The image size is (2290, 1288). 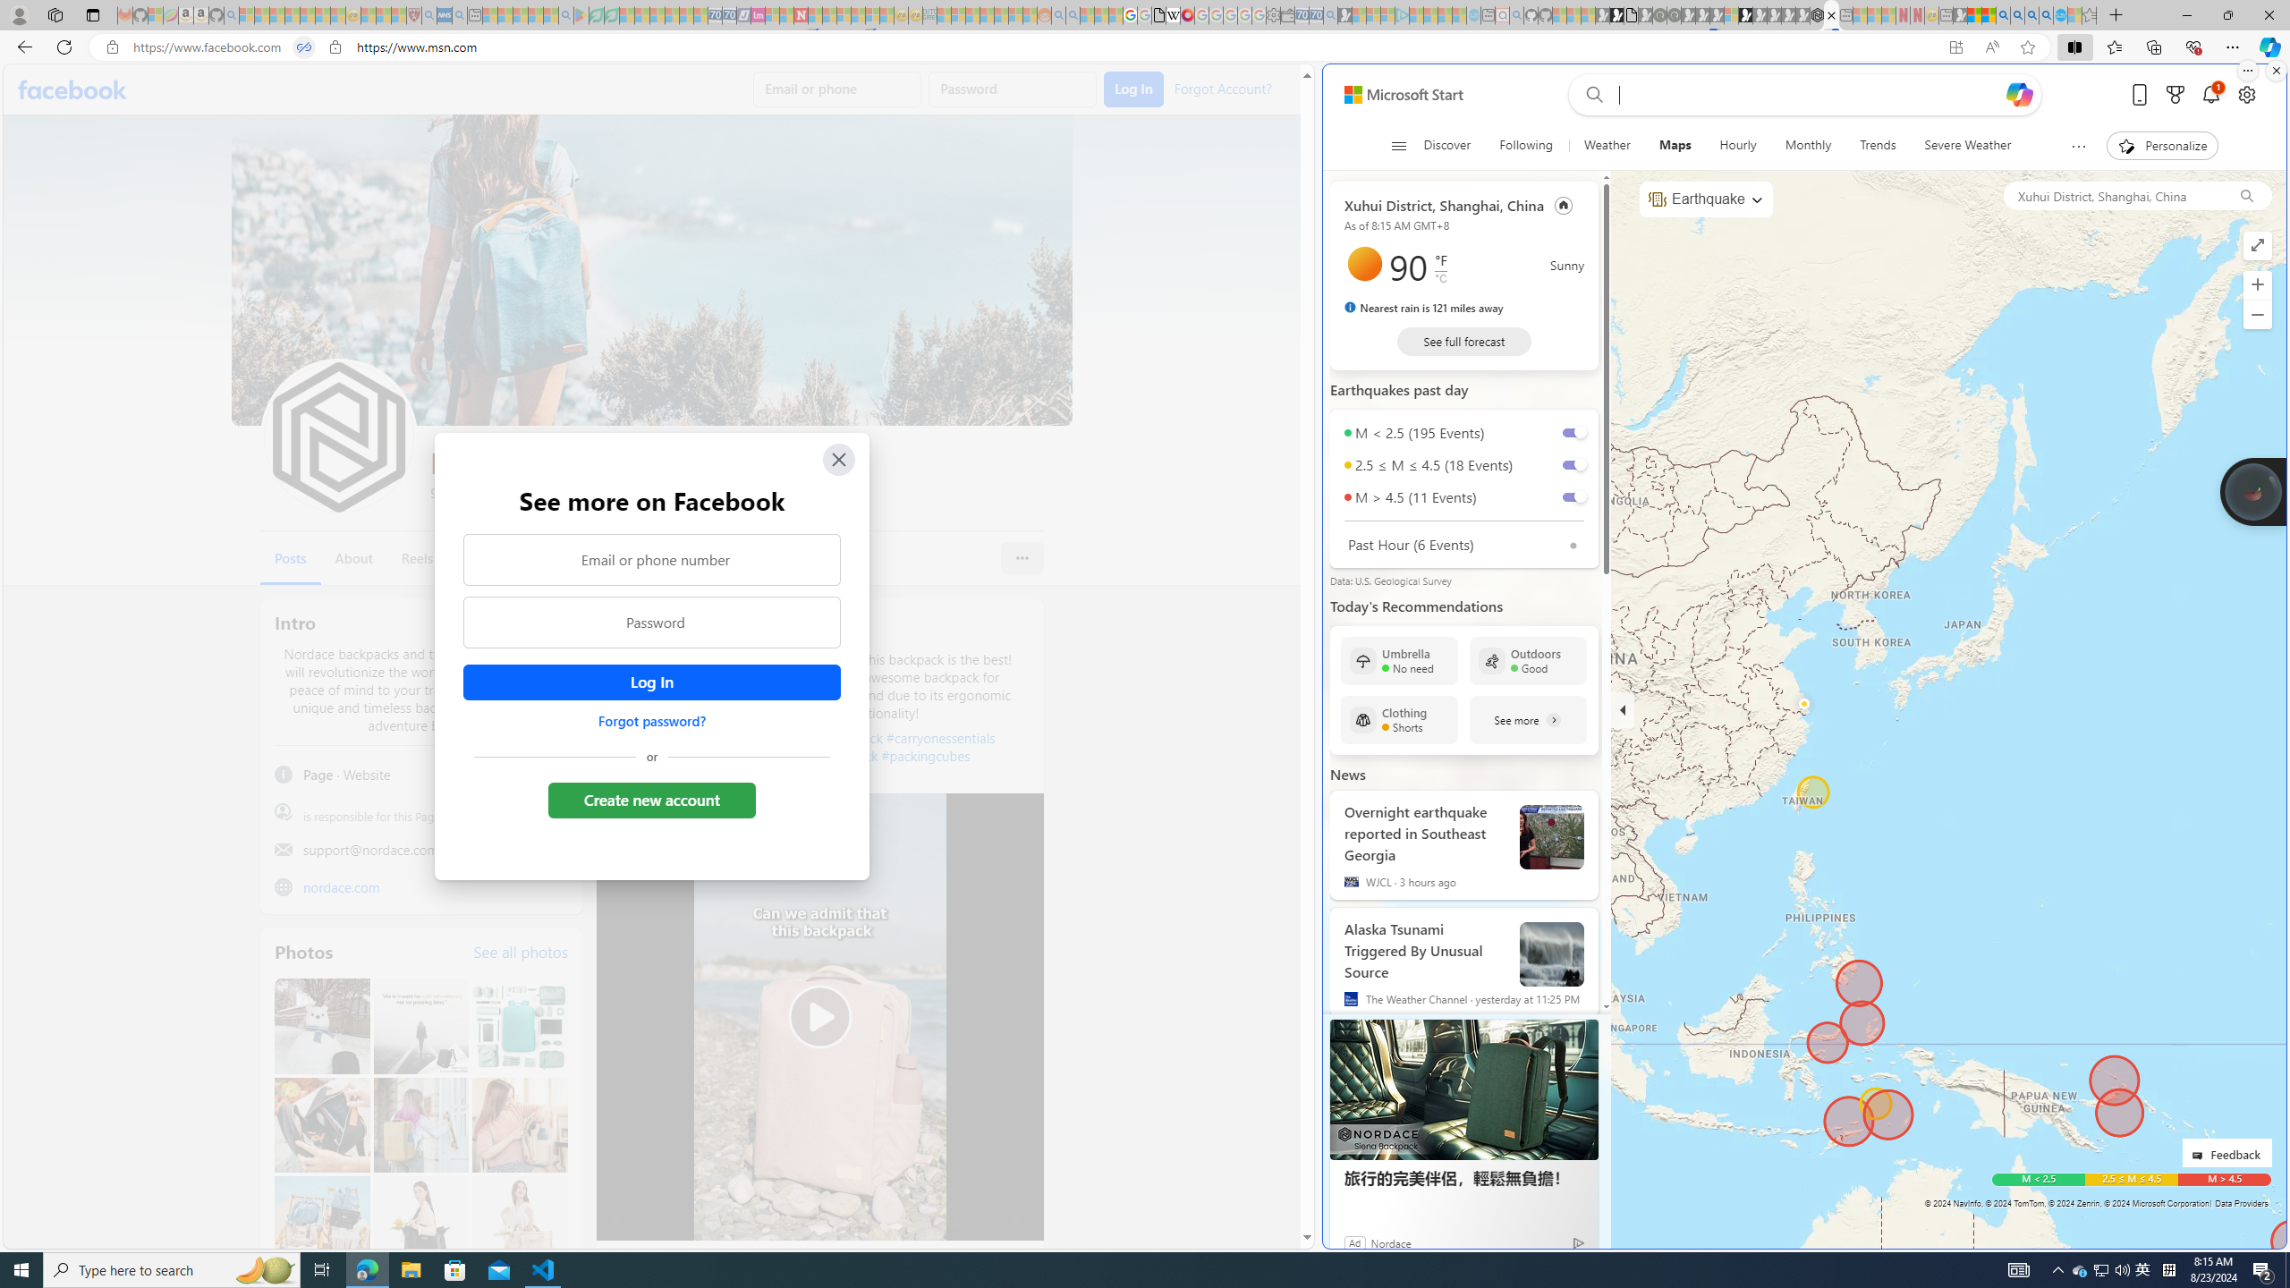 What do you see at coordinates (2257, 315) in the screenshot?
I see `'Zoom out'` at bounding box center [2257, 315].